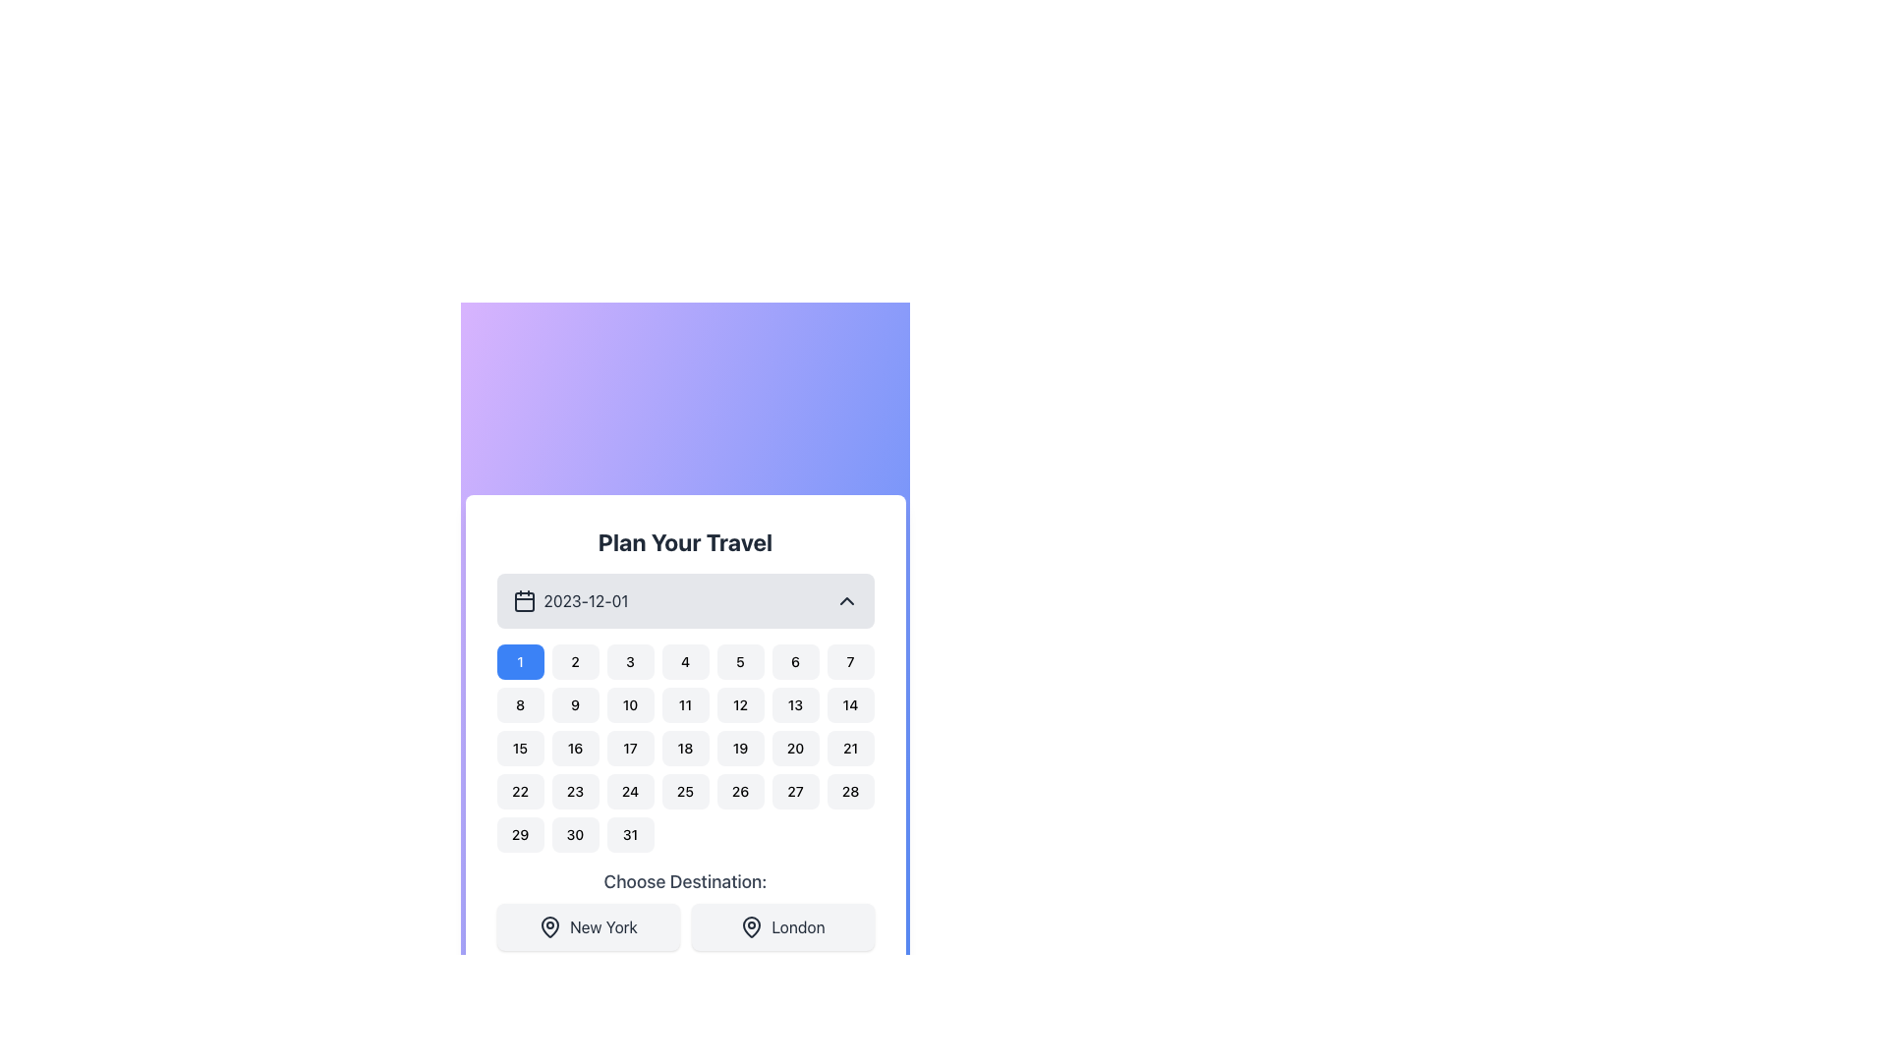  What do you see at coordinates (569, 600) in the screenshot?
I see `the date display element located below the 'Plan Your Travel' heading, which is a label with an icon showing the selected travel date` at bounding box center [569, 600].